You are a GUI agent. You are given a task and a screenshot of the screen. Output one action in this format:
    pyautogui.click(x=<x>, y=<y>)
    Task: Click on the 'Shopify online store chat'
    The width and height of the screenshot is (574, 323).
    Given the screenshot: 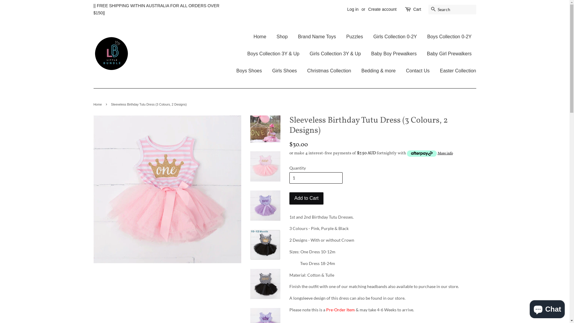 What is the action you would take?
    pyautogui.click(x=528, y=308)
    